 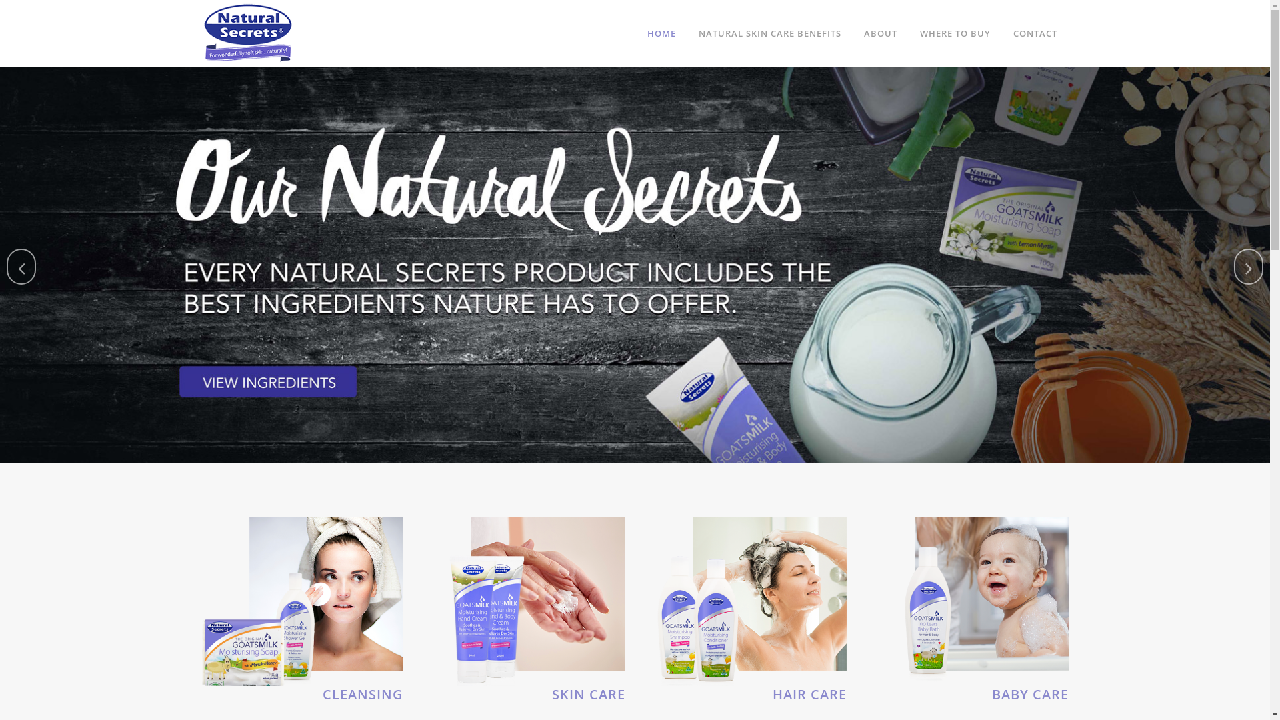 What do you see at coordinates (769, 33) in the screenshot?
I see `'NATURAL SKIN CARE BENEFITS'` at bounding box center [769, 33].